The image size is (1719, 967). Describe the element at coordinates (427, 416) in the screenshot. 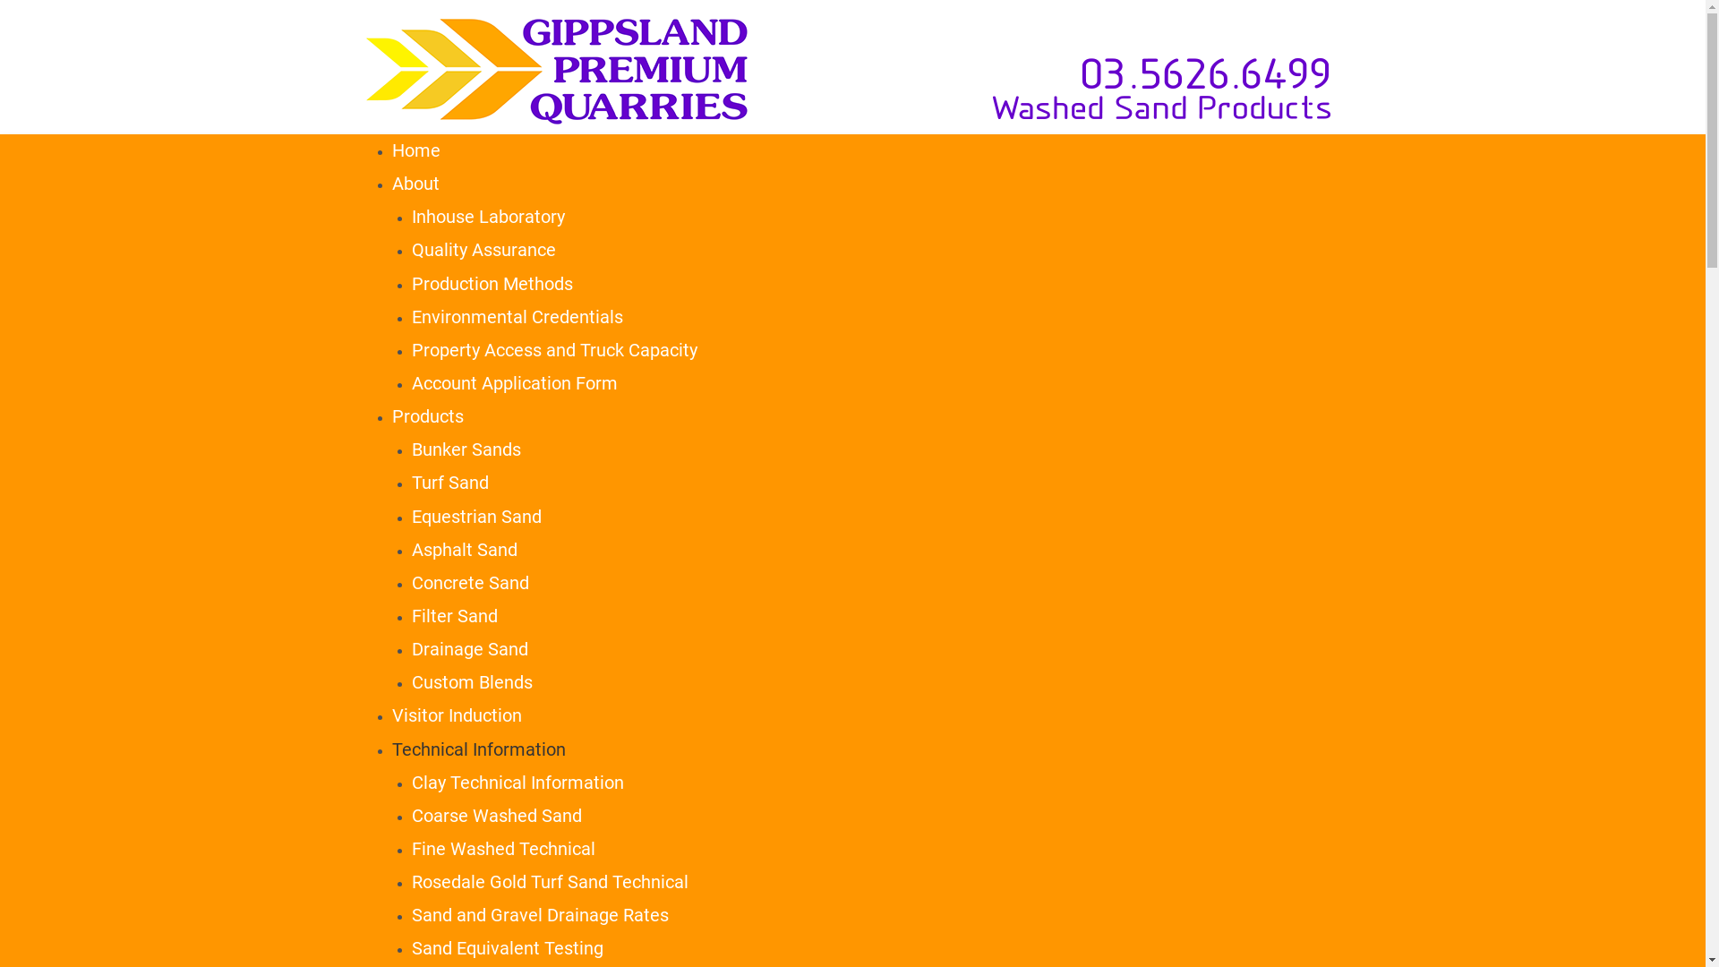

I see `'Products'` at that location.